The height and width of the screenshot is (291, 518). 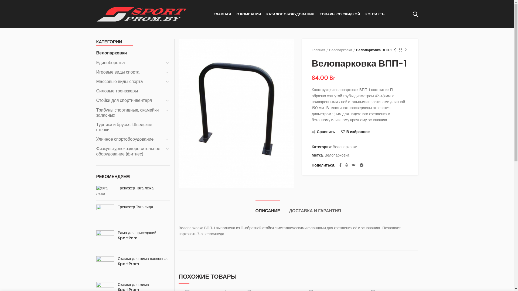 I want to click on 'VK', so click(x=121, y=259).